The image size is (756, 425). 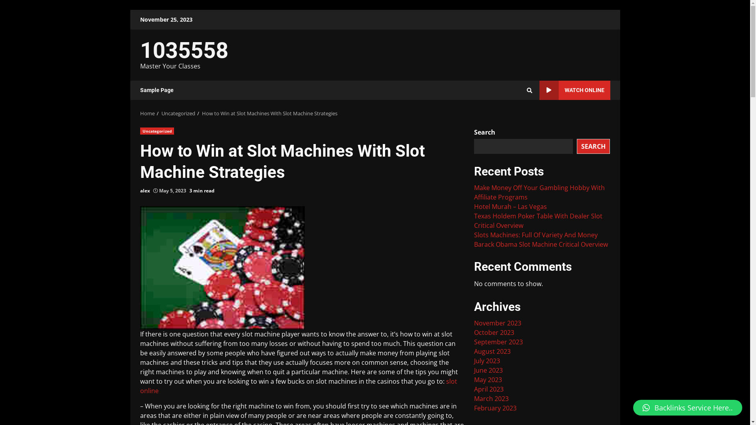 I want to click on 'Home', so click(x=140, y=113).